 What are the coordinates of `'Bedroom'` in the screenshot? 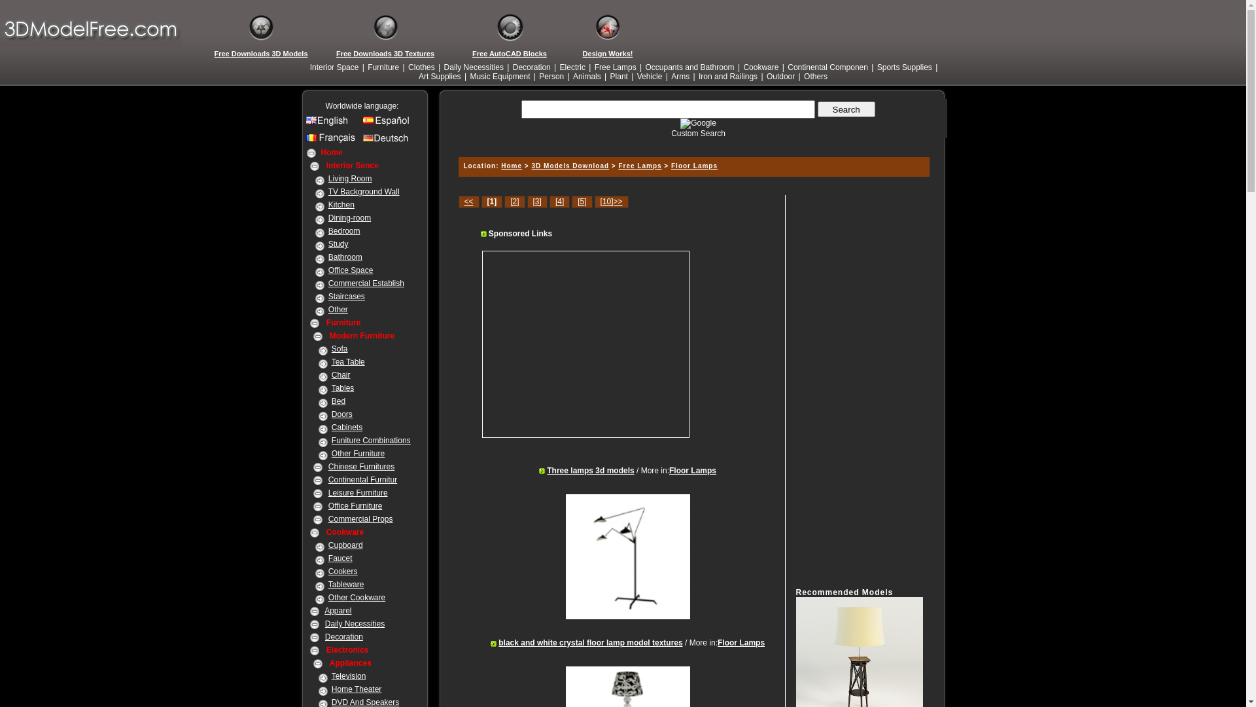 It's located at (344, 230).